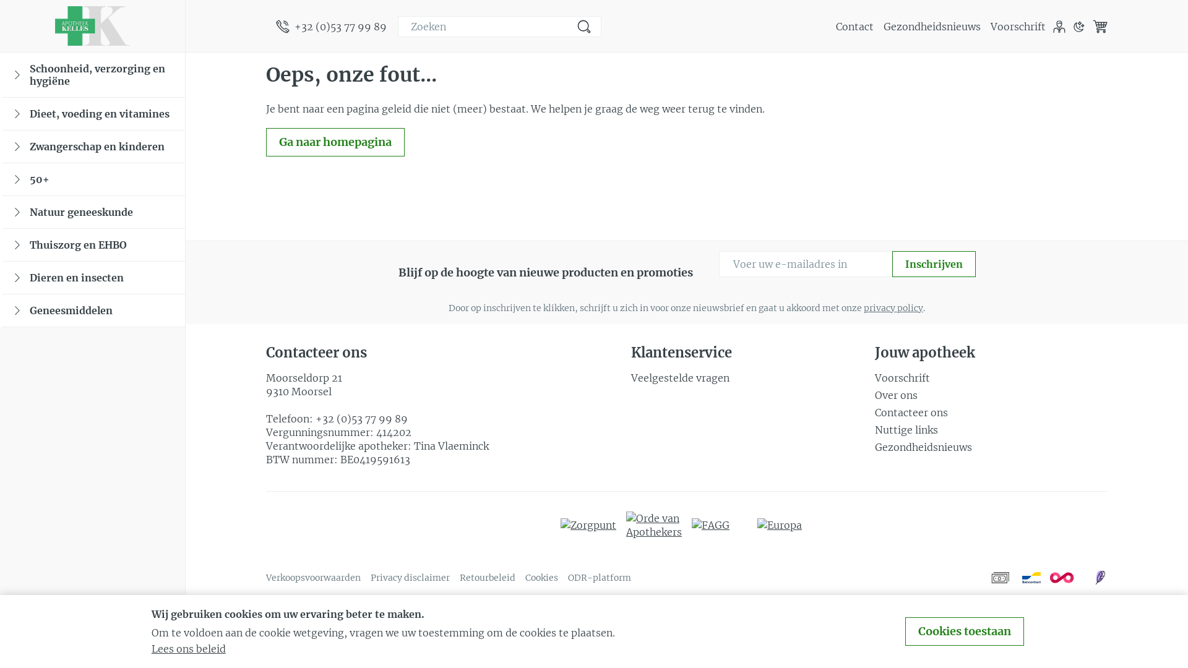  I want to click on 'Verkoopsvoorwaarden', so click(313, 577).